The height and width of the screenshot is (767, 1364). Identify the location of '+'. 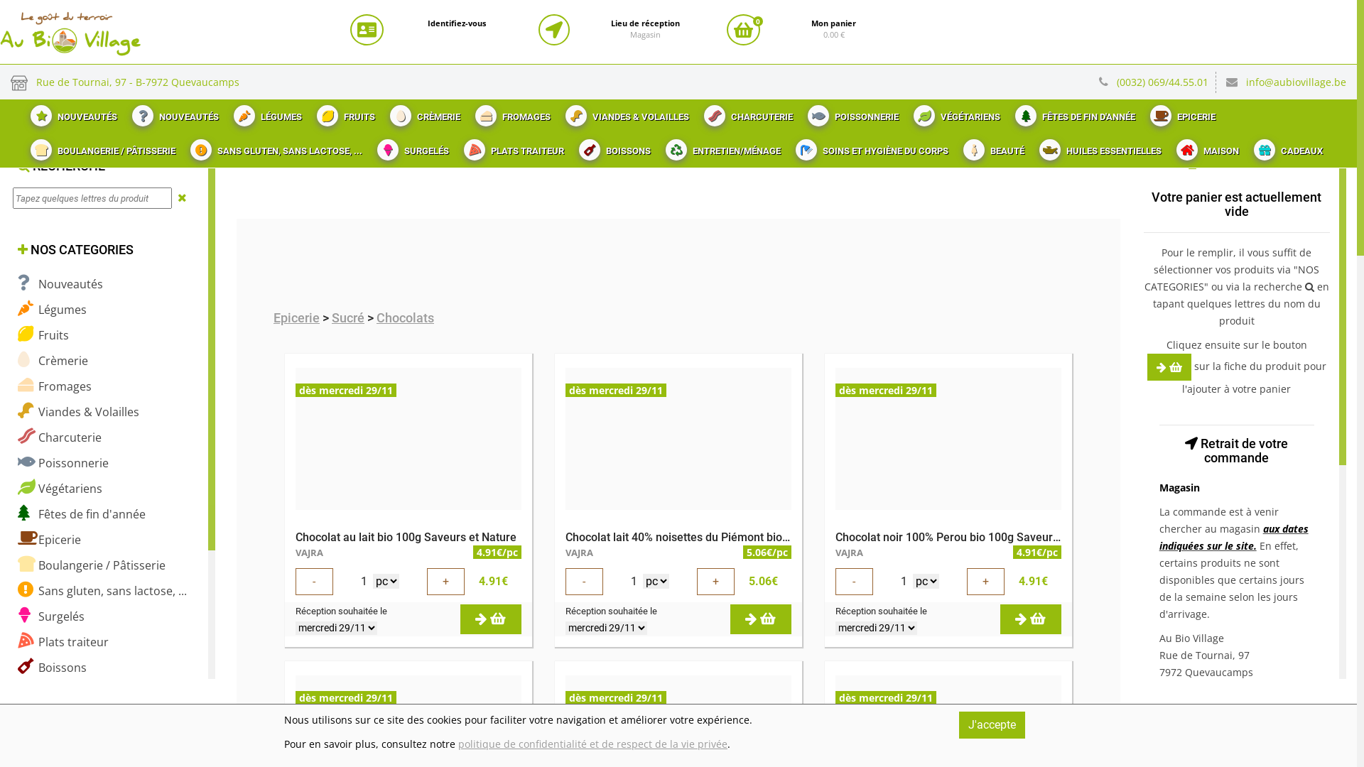
(445, 581).